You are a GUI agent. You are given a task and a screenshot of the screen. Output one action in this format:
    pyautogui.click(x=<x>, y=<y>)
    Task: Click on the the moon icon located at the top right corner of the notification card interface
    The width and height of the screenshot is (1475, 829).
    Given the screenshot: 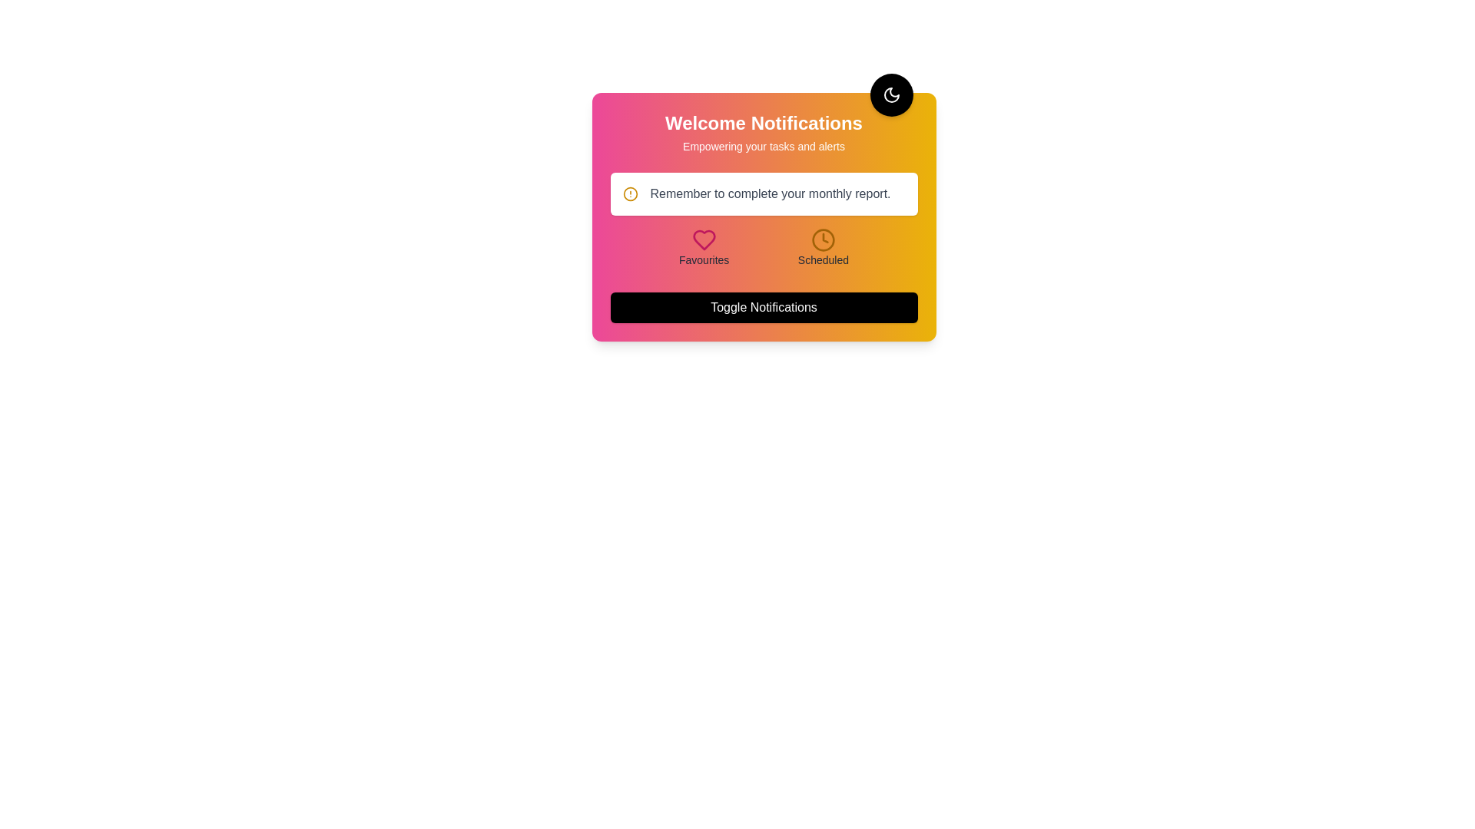 What is the action you would take?
    pyautogui.click(x=891, y=94)
    